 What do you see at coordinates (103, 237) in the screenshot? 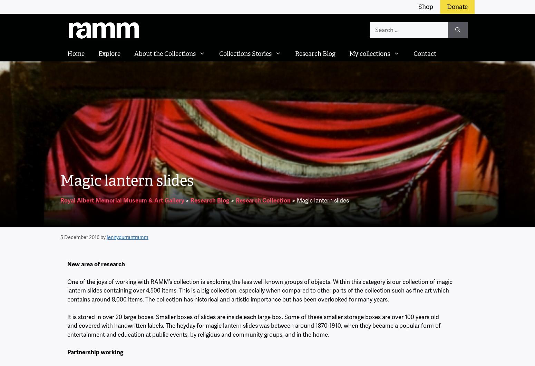
I see `'by'` at bounding box center [103, 237].